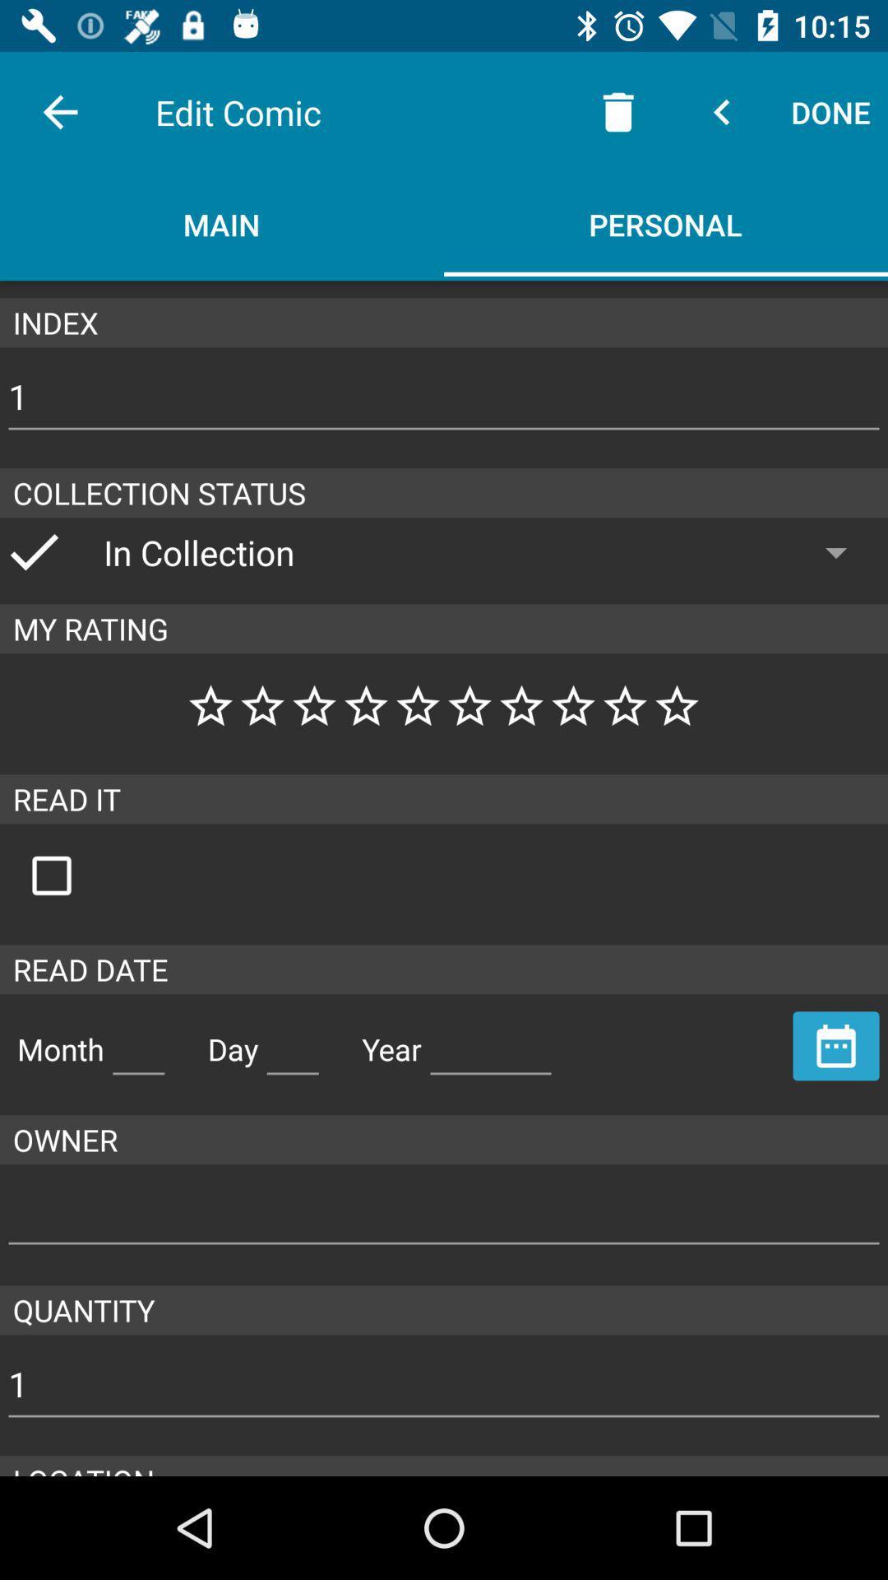  I want to click on show calendar, so click(836, 1045).